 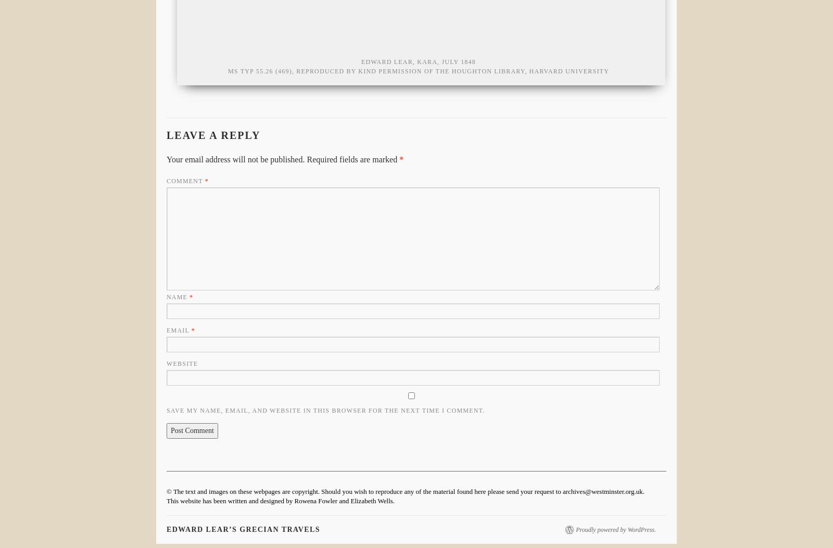 I want to click on 'Save my name, email, and website in this browser for the next time I comment.', so click(x=325, y=411).